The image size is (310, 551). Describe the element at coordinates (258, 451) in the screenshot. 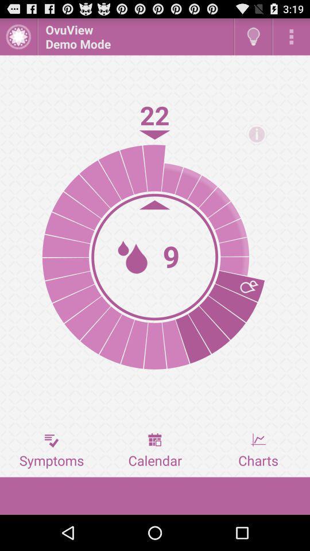

I see `the button to the right of the calendar icon` at that location.